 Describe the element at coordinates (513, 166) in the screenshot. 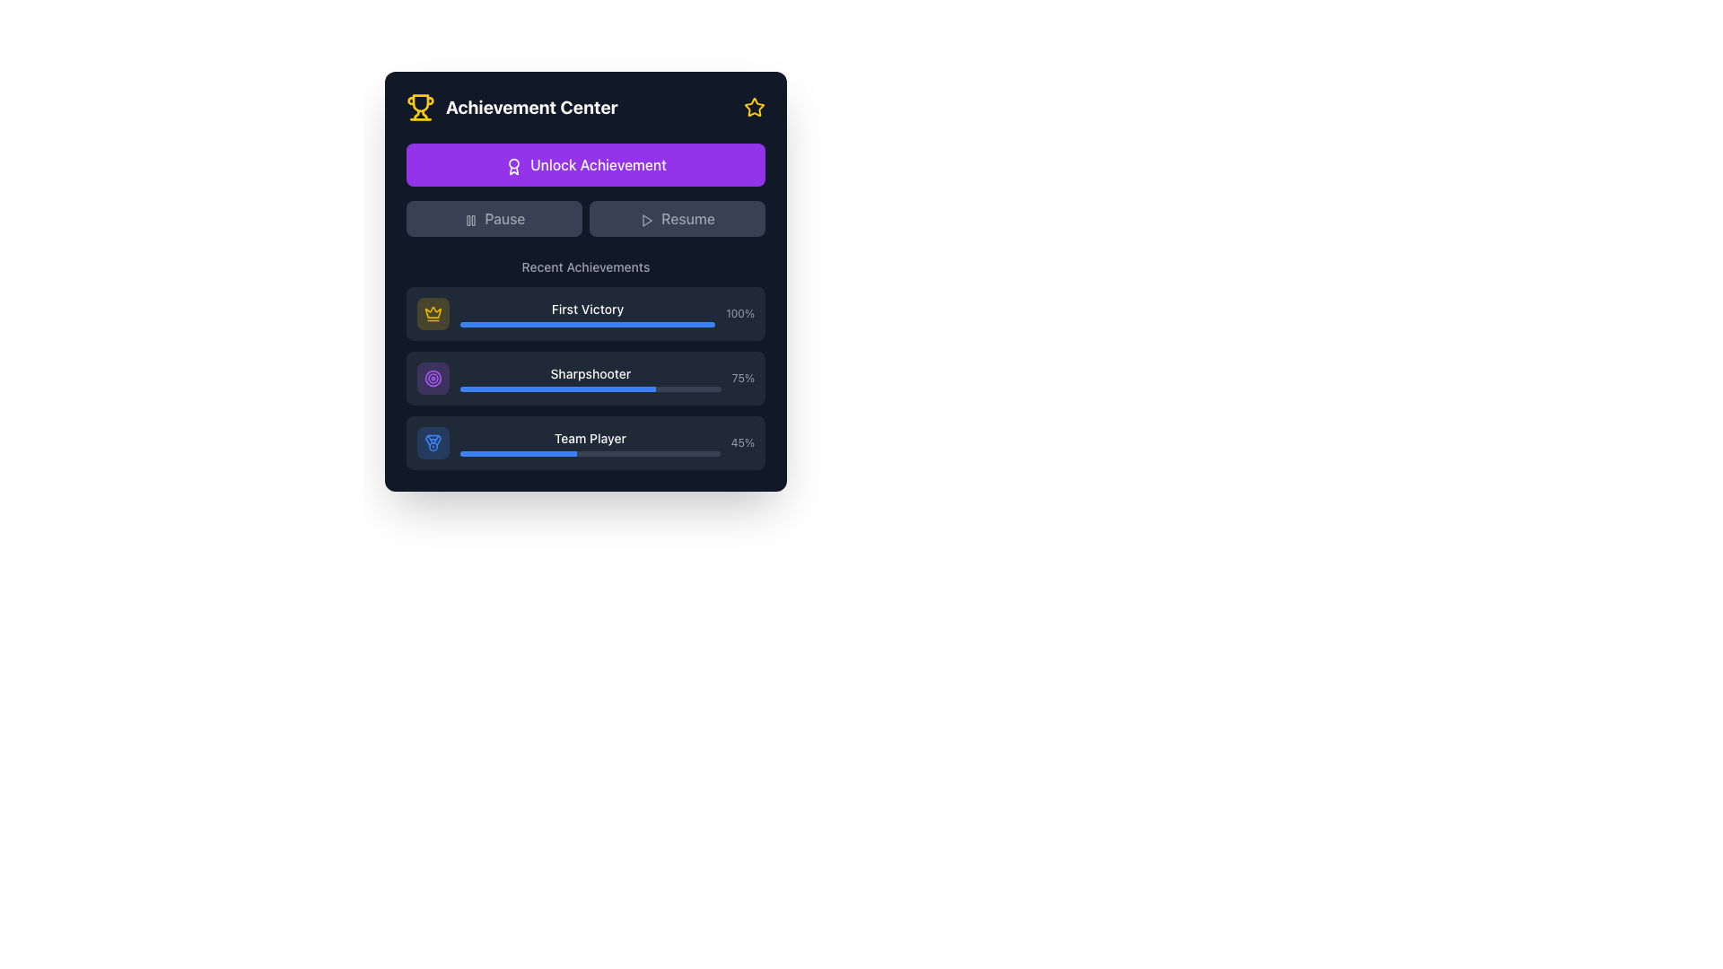

I see `the small award icon with a circular medal design that is positioned on the left side of the purple button labeled 'Unlock Achievement'` at that location.